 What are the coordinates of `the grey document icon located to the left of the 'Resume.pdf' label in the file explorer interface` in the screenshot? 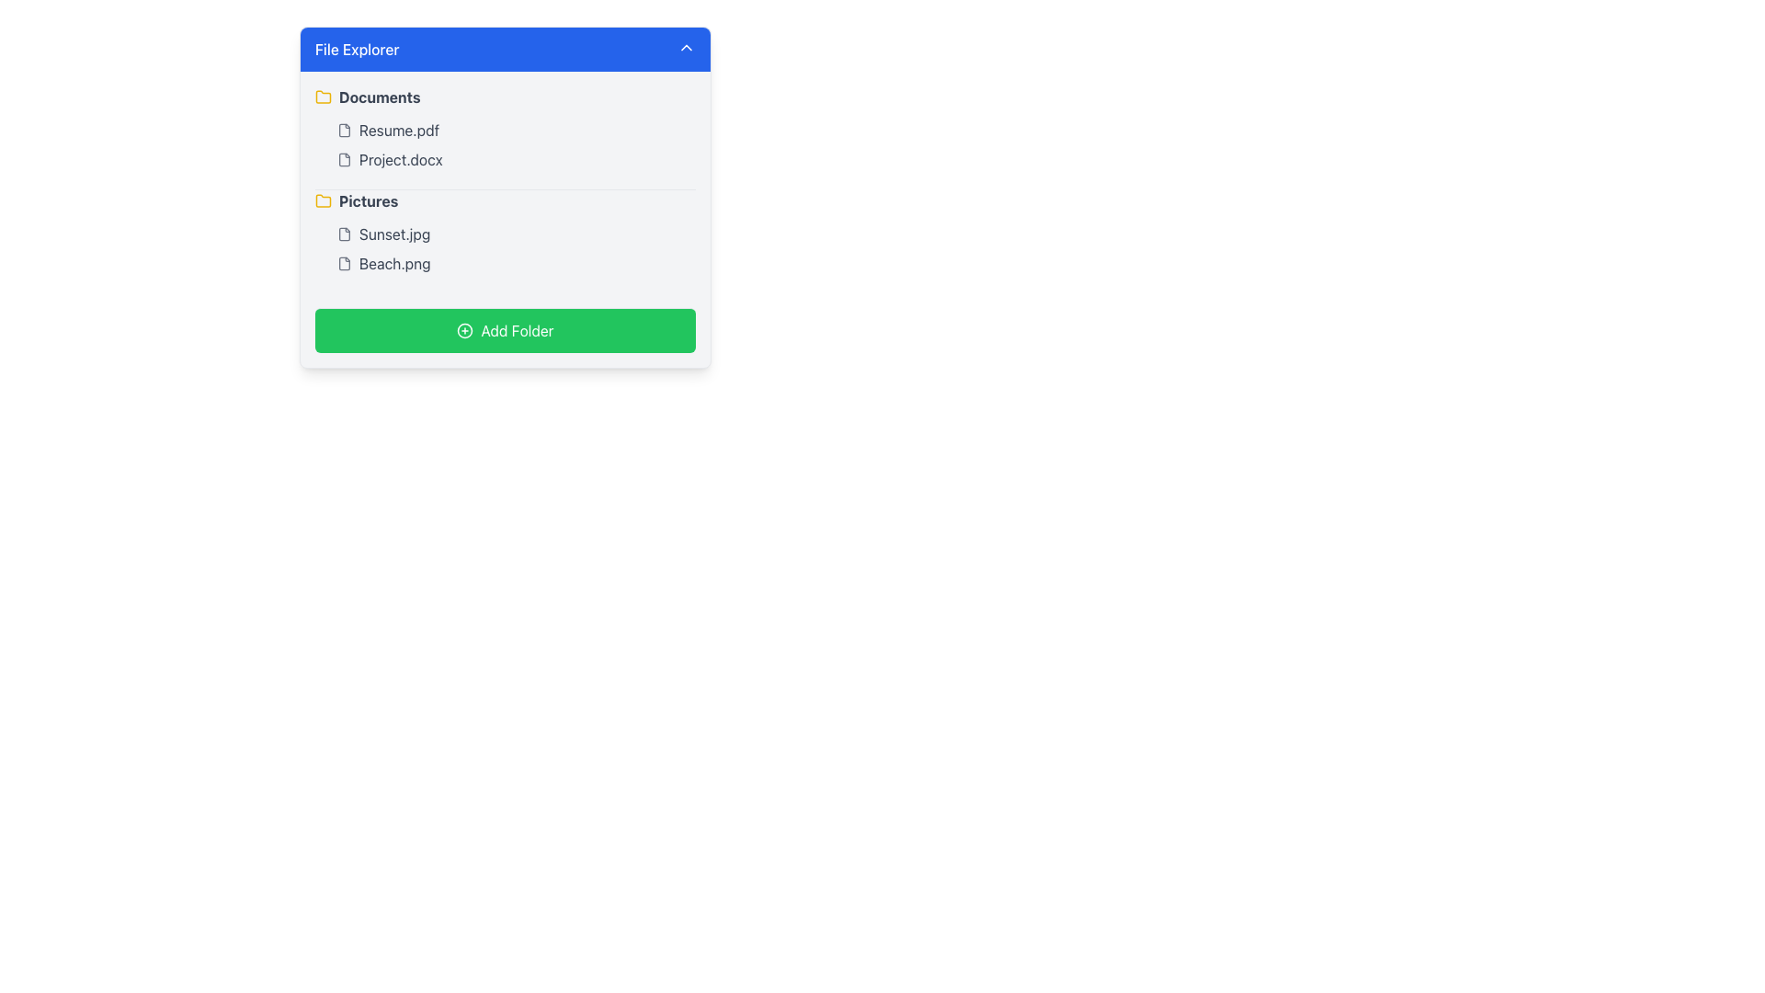 It's located at (344, 130).